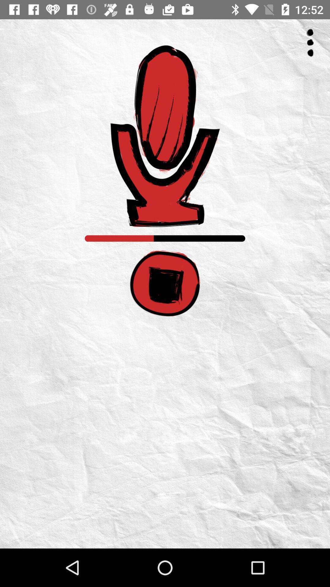 The width and height of the screenshot is (330, 587). I want to click on record, so click(165, 136).